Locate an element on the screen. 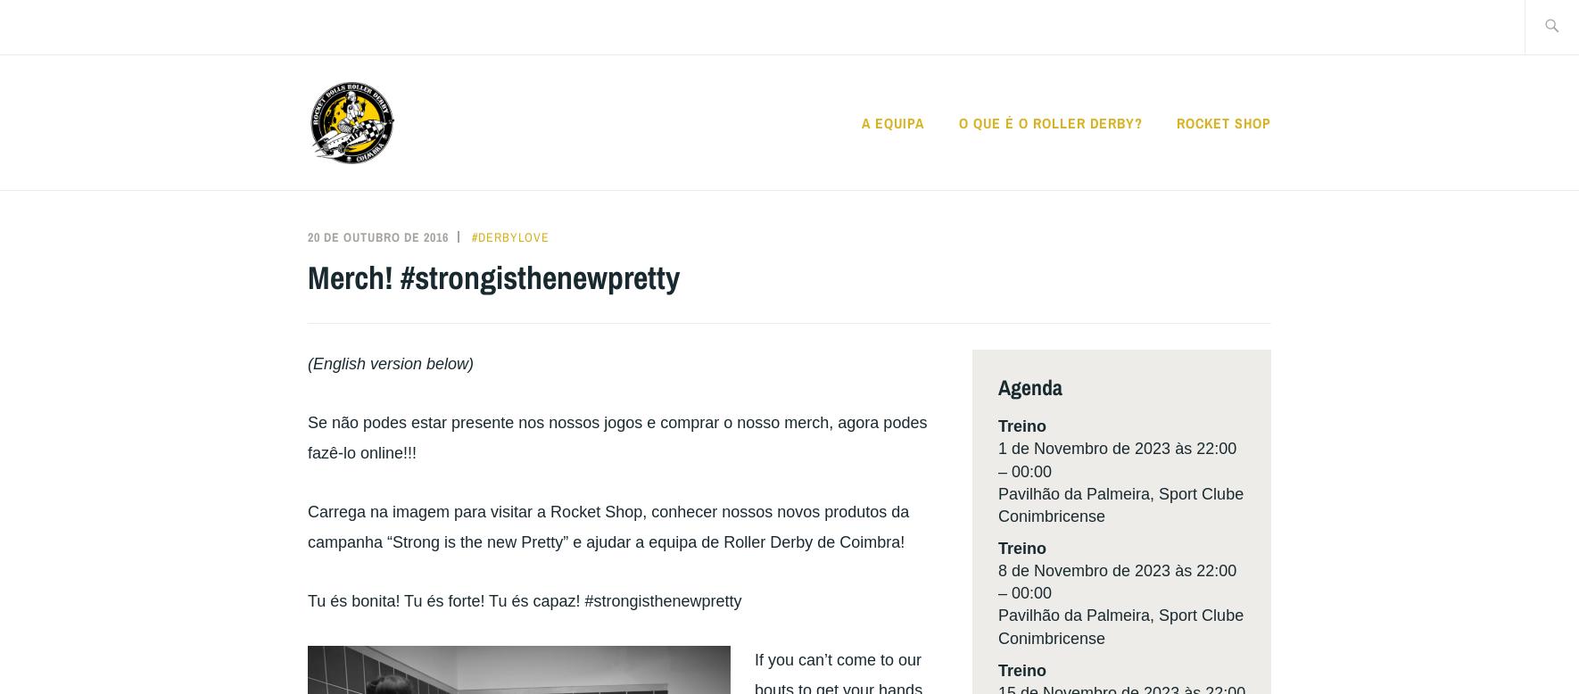 The width and height of the screenshot is (1579, 694). 'Se não podes estar presente nos nossos jogos e comprar o nosso merch, agora podes fazê-lo online!!!' is located at coordinates (616, 435).